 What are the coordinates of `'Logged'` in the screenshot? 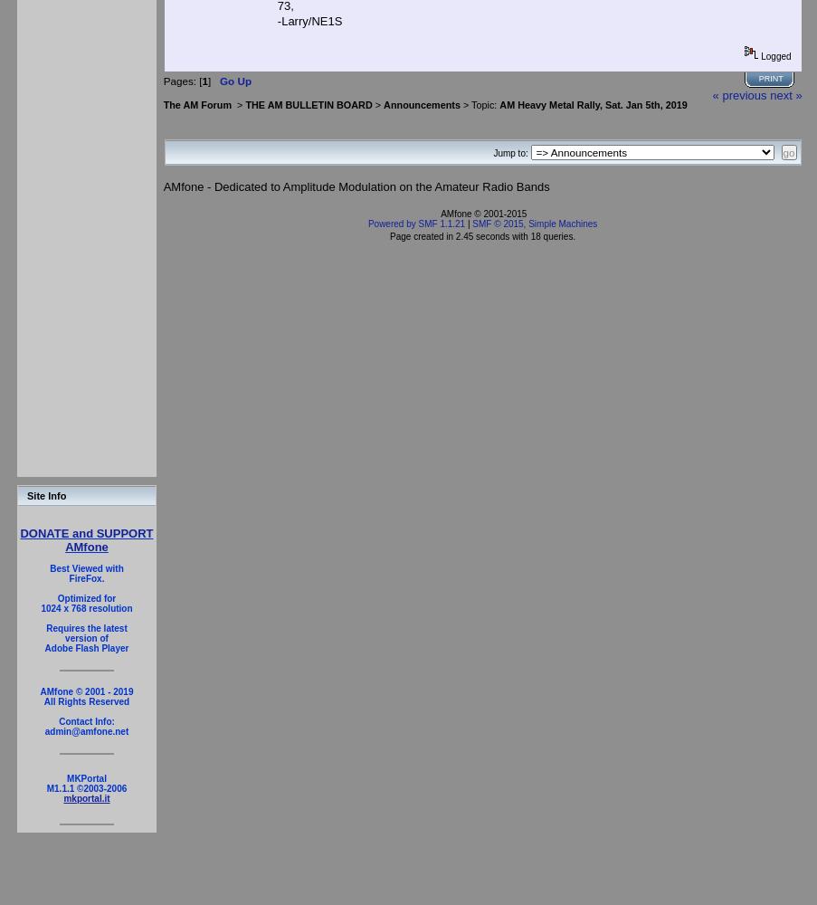 It's located at (774, 56).